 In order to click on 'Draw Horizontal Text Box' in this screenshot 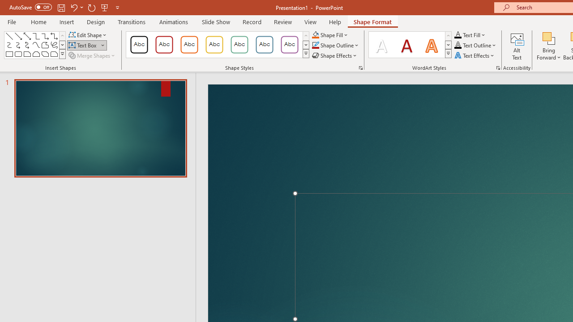, I will do `click(83, 45)`.